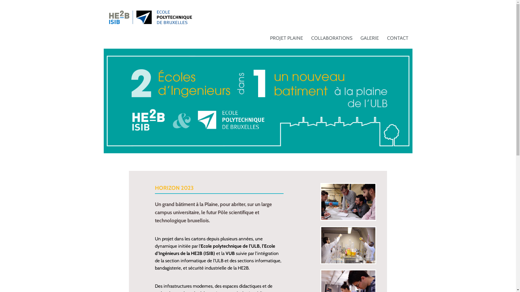 Image resolution: width=520 pixels, height=292 pixels. Describe the element at coordinates (286, 38) in the screenshot. I see `'PROJET PLAINE'` at that location.